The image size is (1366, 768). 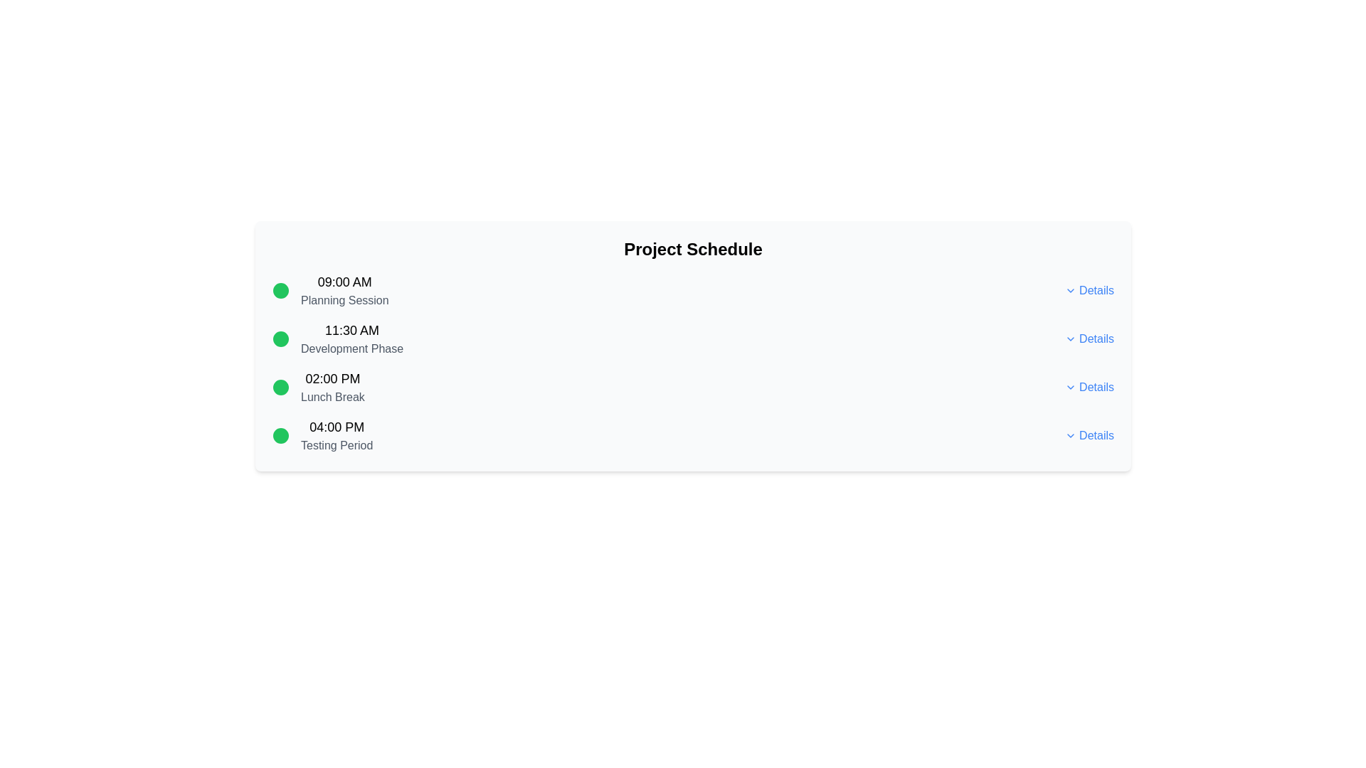 What do you see at coordinates (1096, 387) in the screenshot?
I see `the static text label 'Details' styled in blue, located in the fourth row of the structured list for the '04:00 PM - Testing Period' event` at bounding box center [1096, 387].